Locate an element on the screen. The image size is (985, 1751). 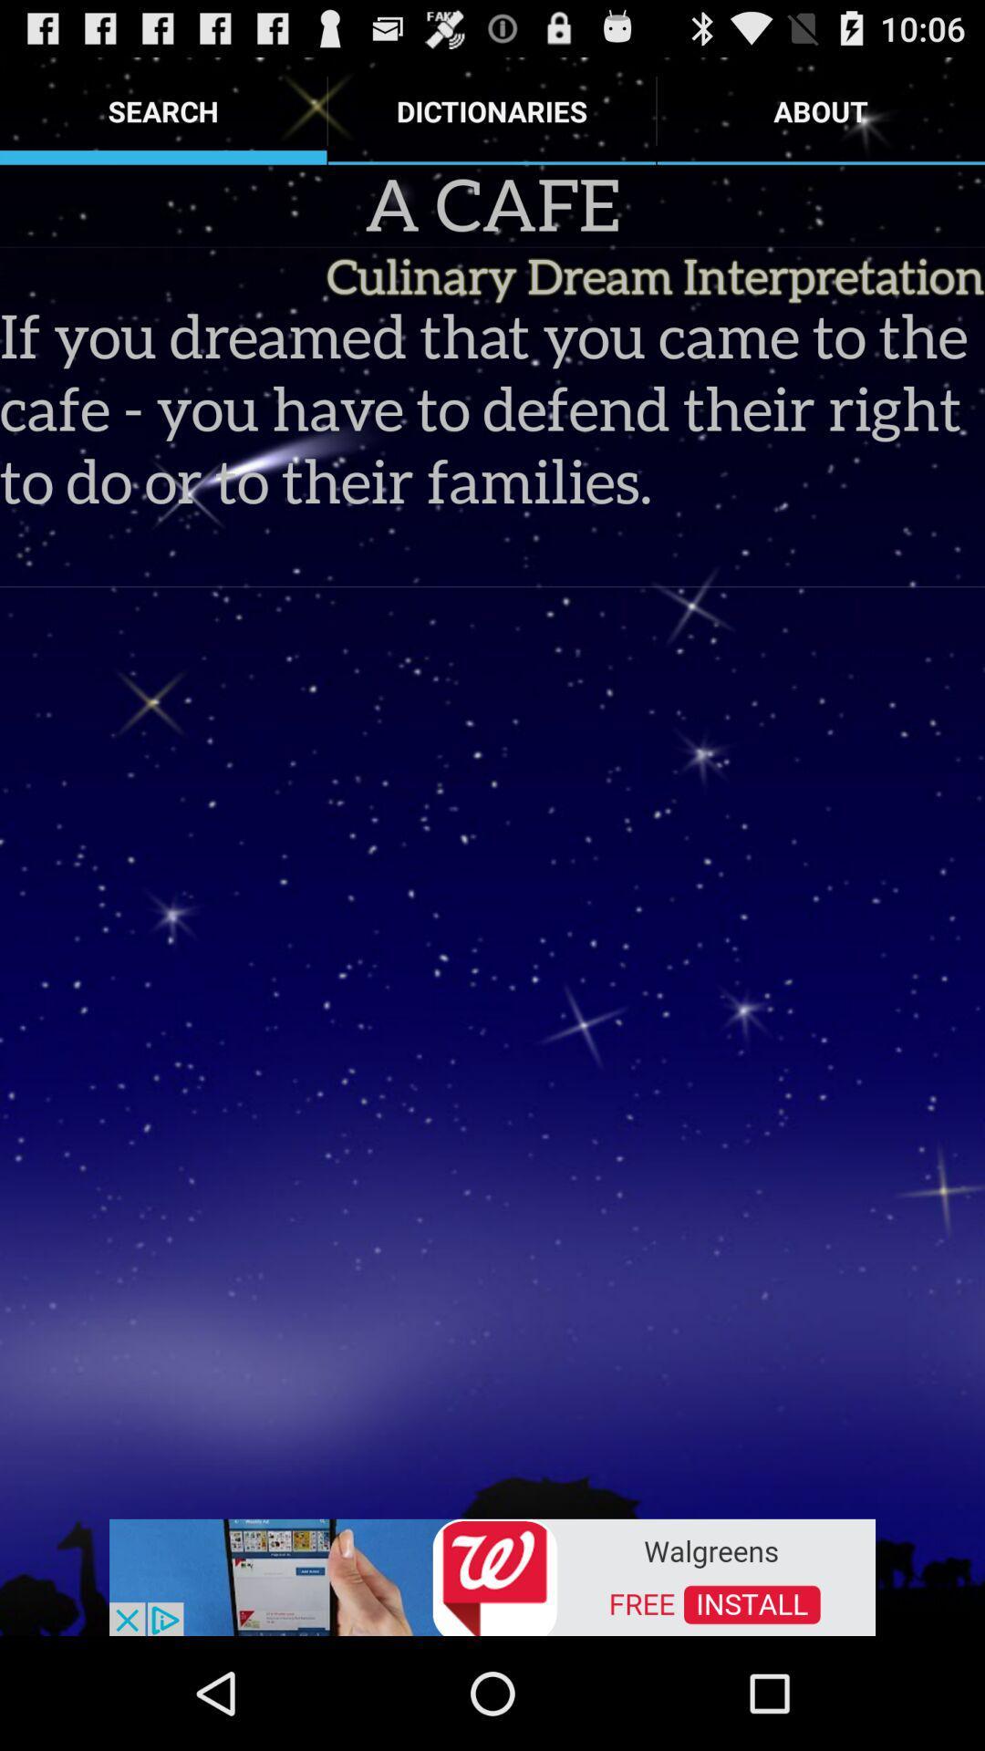
advertisement is located at coordinates (493, 1575).